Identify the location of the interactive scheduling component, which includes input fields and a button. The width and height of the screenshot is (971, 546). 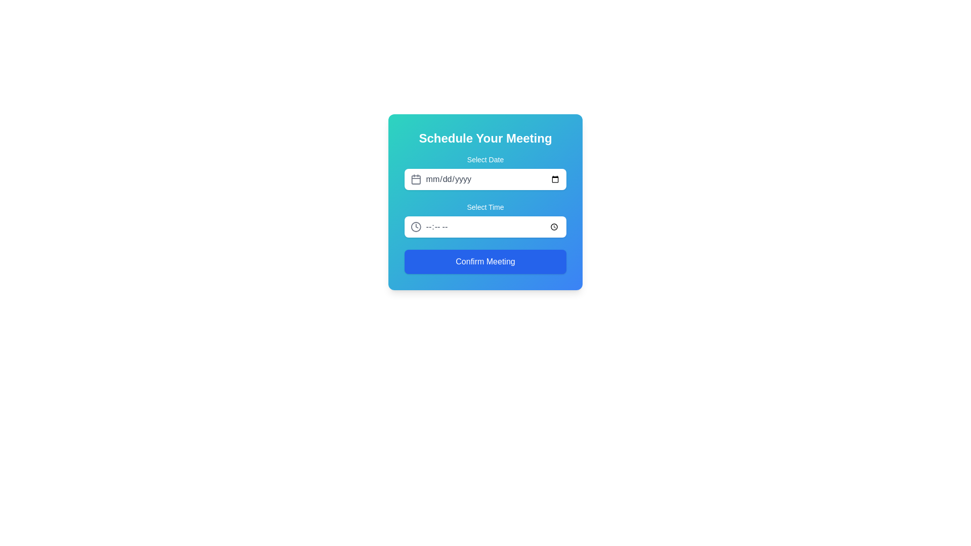
(485, 214).